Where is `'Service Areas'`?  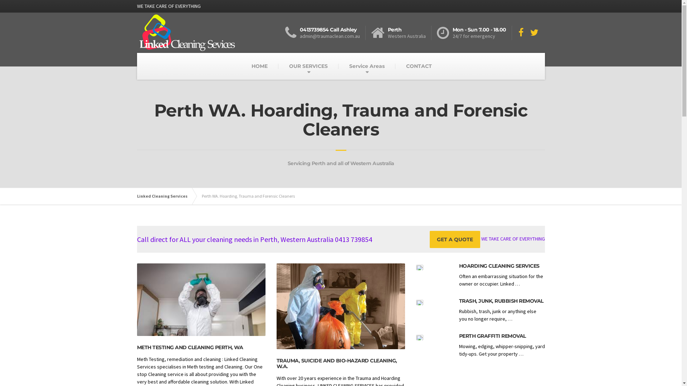 'Service Areas' is located at coordinates (338, 66).